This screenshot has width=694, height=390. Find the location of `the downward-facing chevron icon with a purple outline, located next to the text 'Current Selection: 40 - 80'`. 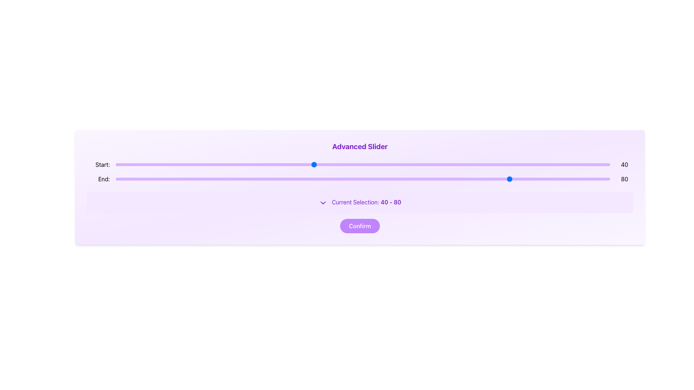

the downward-facing chevron icon with a purple outline, located next to the text 'Current Selection: 40 - 80' is located at coordinates (322, 203).